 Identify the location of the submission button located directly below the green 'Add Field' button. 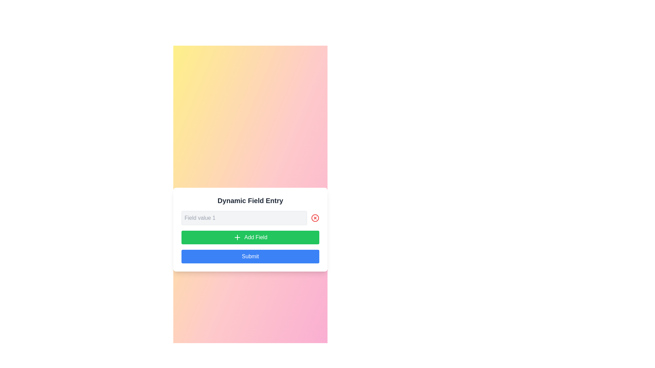
(250, 256).